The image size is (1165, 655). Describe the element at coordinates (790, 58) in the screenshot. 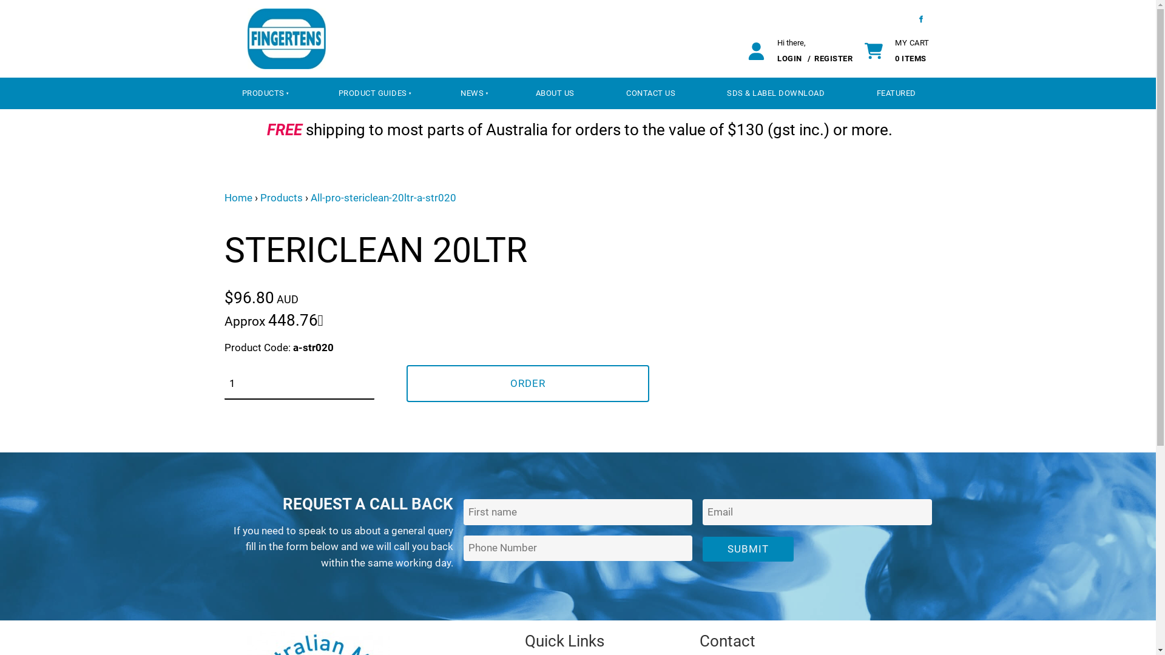

I see `'LOGIN'` at that location.